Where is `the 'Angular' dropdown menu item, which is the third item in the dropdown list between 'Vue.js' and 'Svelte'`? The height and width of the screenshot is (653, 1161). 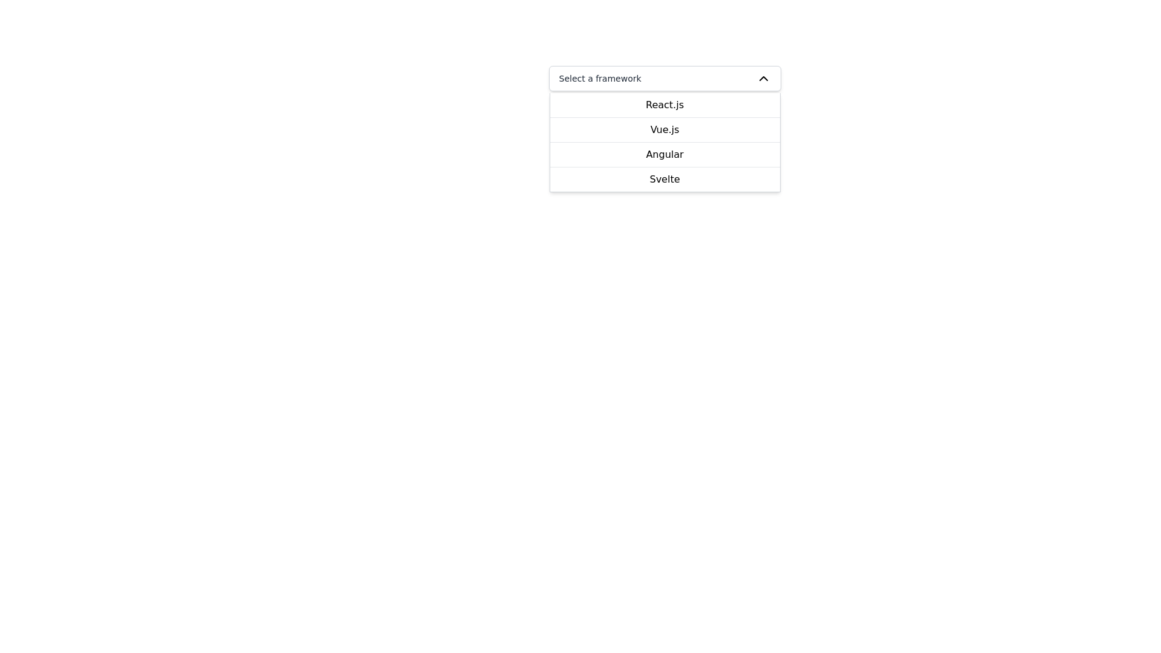
the 'Angular' dropdown menu item, which is the third item in the dropdown list between 'Vue.js' and 'Svelte' is located at coordinates (664, 154).